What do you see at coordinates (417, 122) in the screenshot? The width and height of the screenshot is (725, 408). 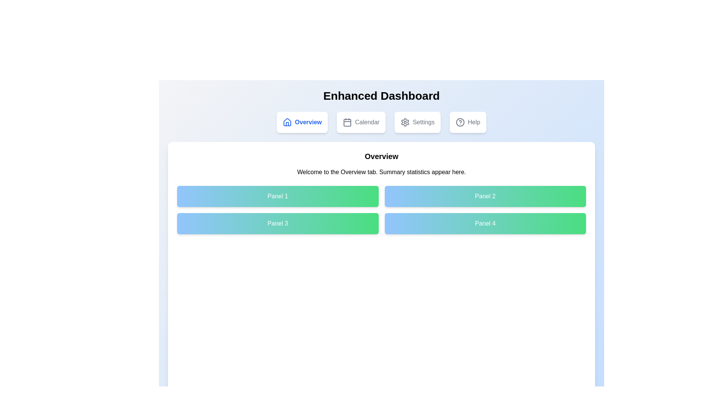 I see `the tab labeled Settings to navigate to the corresponding section` at bounding box center [417, 122].